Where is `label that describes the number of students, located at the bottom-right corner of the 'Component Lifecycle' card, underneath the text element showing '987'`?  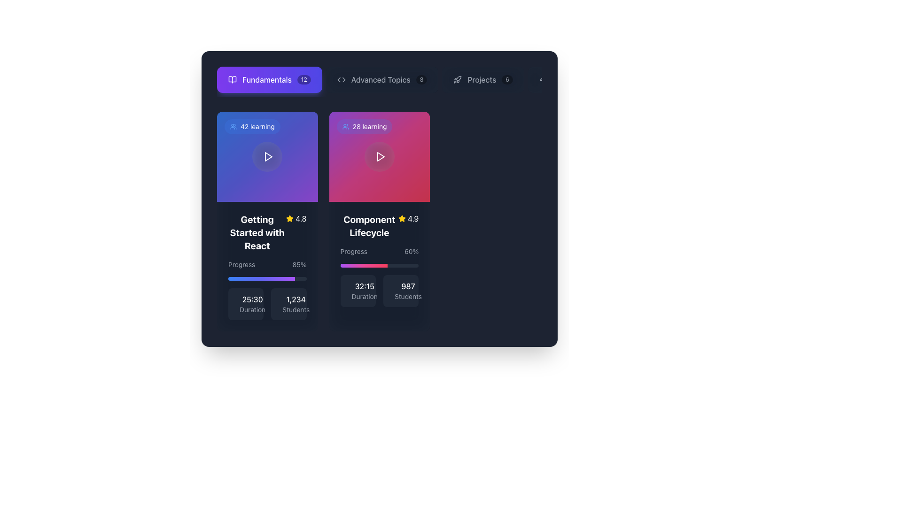 label that describes the number of students, located at the bottom-right corner of the 'Component Lifecycle' card, underneath the text element showing '987' is located at coordinates (408, 297).